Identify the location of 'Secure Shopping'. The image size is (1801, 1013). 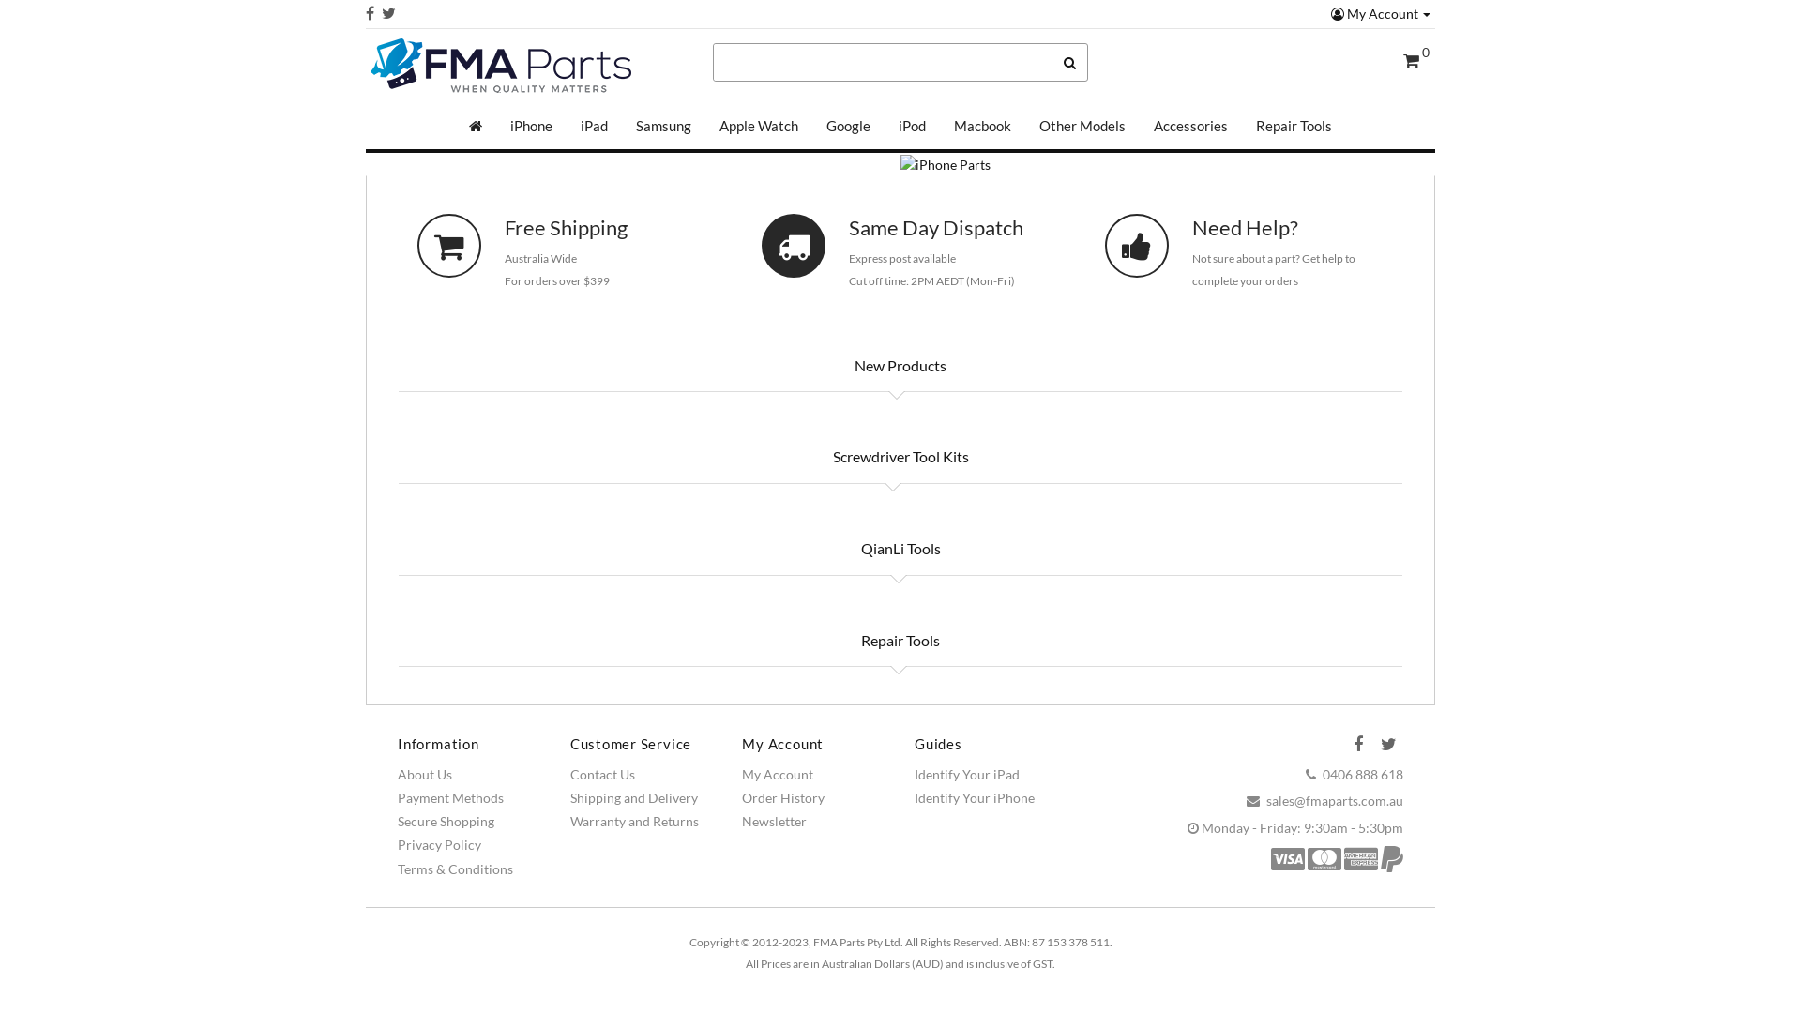
(445, 820).